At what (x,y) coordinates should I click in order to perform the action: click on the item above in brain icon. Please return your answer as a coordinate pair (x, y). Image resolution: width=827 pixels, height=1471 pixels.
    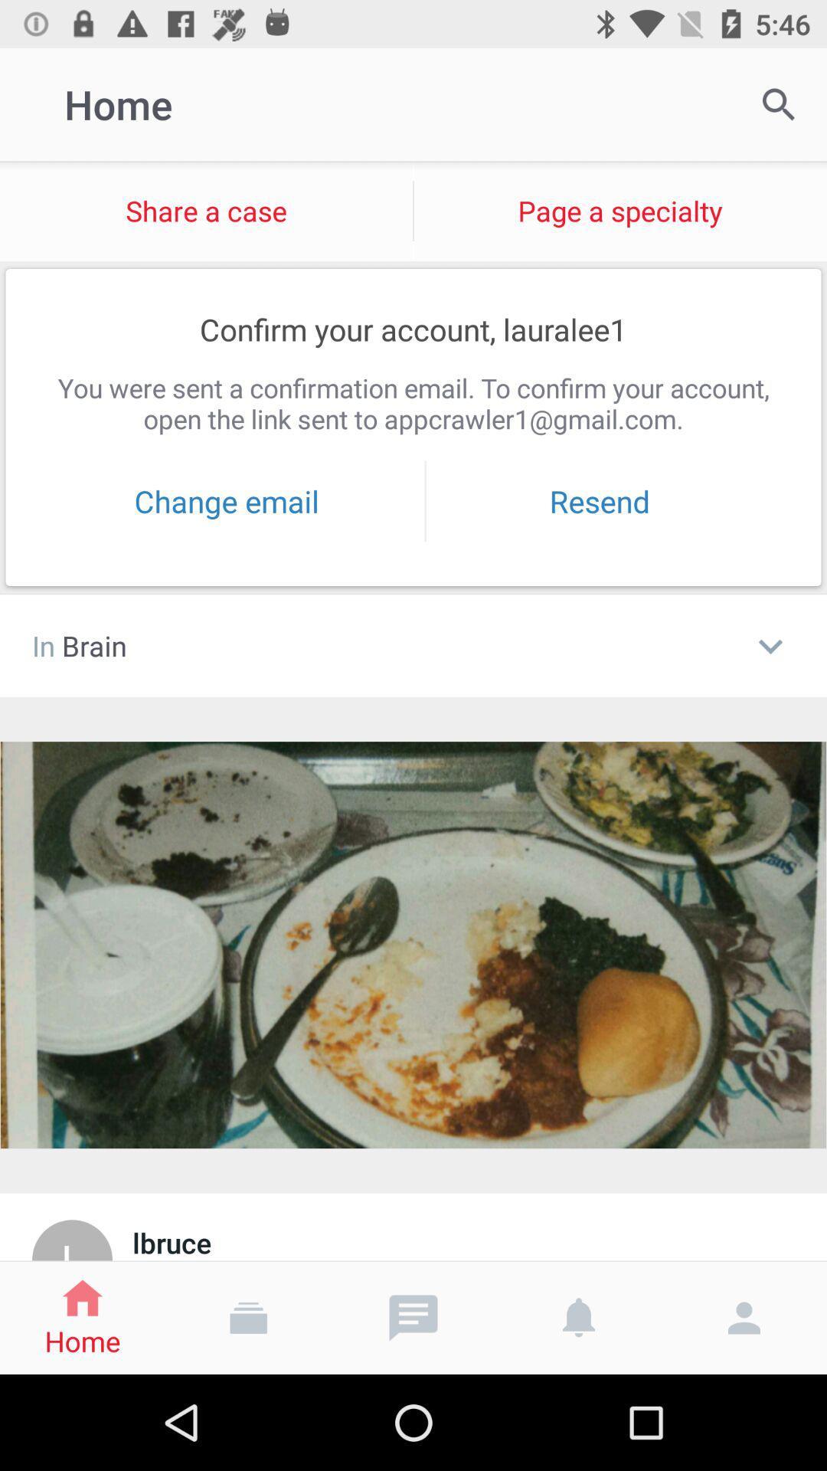
    Looking at the image, I should click on (227, 501).